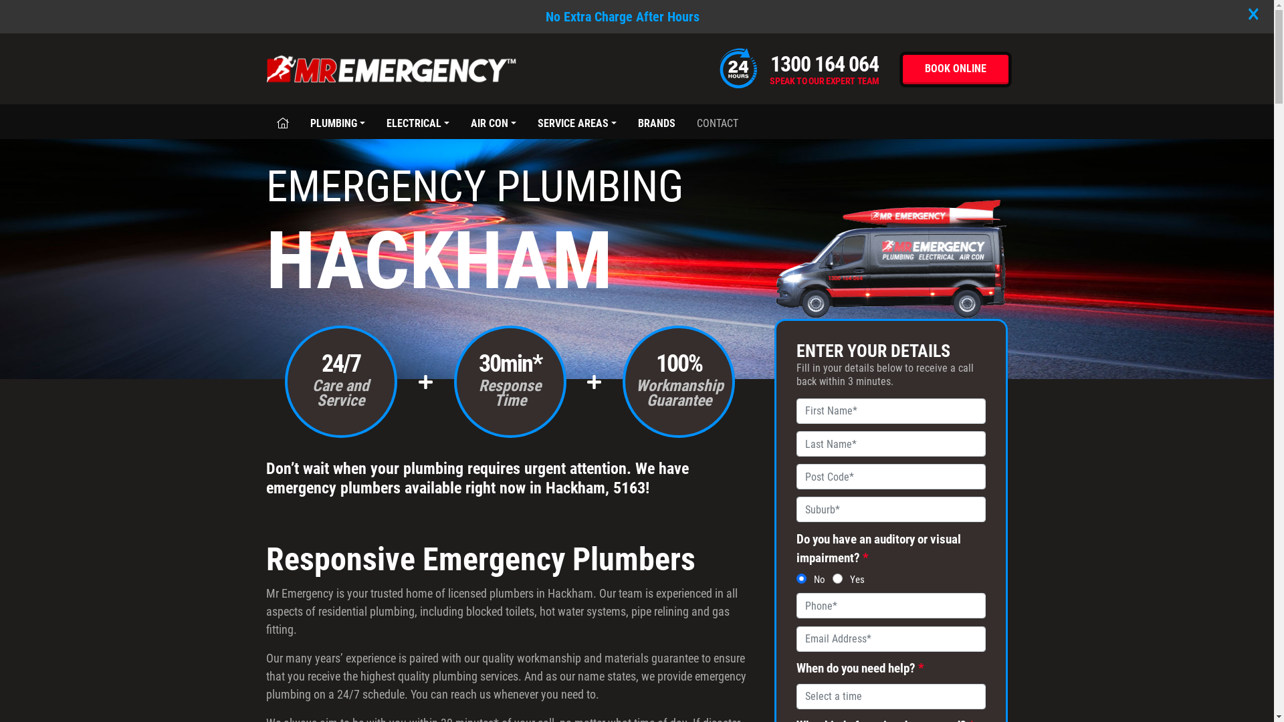 The height and width of the screenshot is (722, 1284). Describe the element at coordinates (717, 122) in the screenshot. I see `'CONTACT'` at that location.